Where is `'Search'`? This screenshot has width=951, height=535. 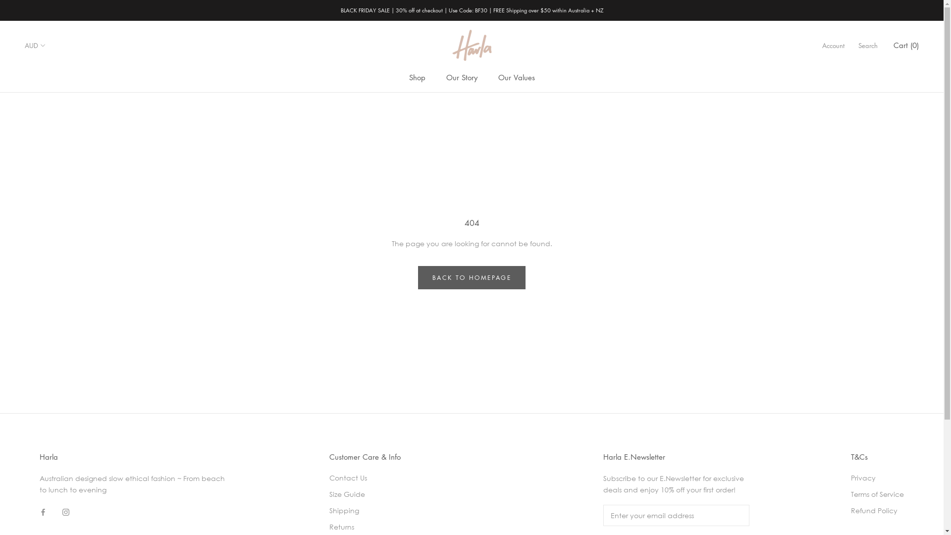 'Search' is located at coordinates (867, 45).